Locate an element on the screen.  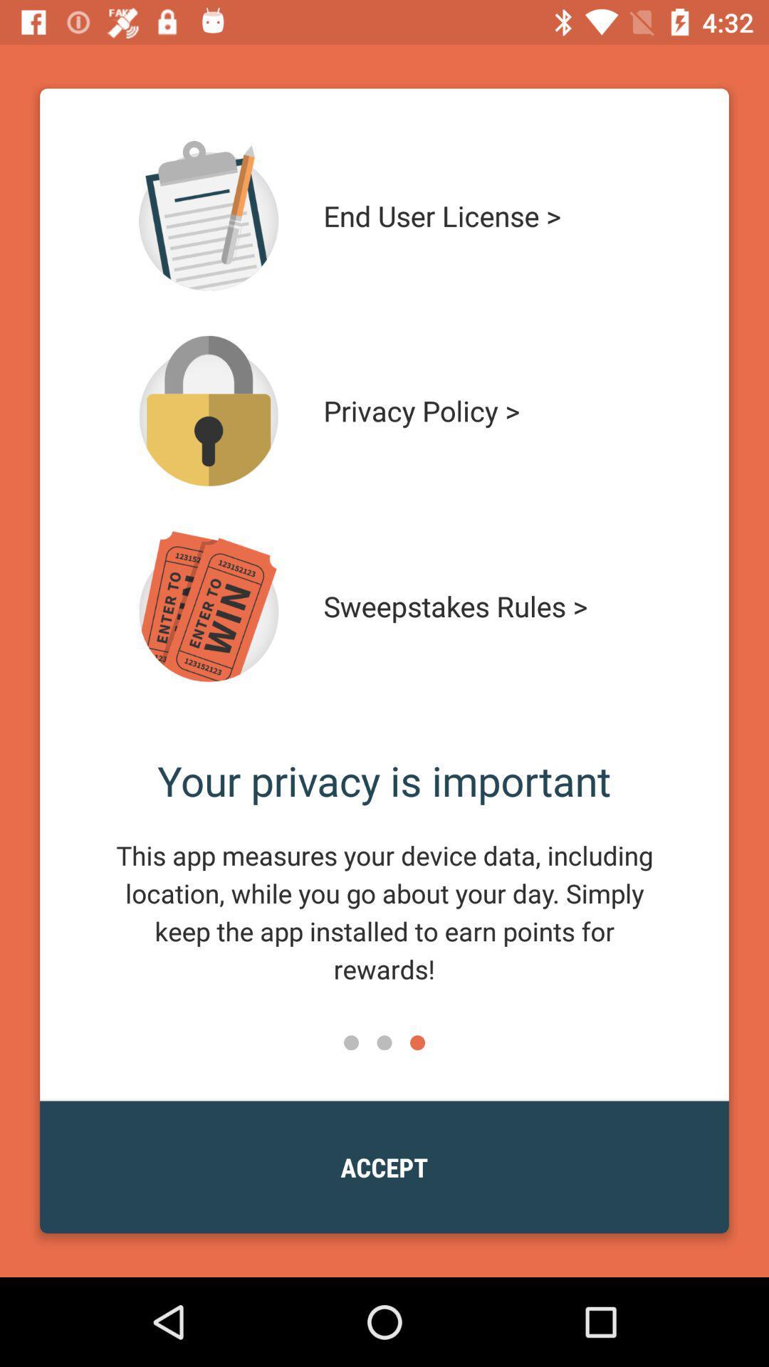
privacy policy > item is located at coordinates (482, 410).